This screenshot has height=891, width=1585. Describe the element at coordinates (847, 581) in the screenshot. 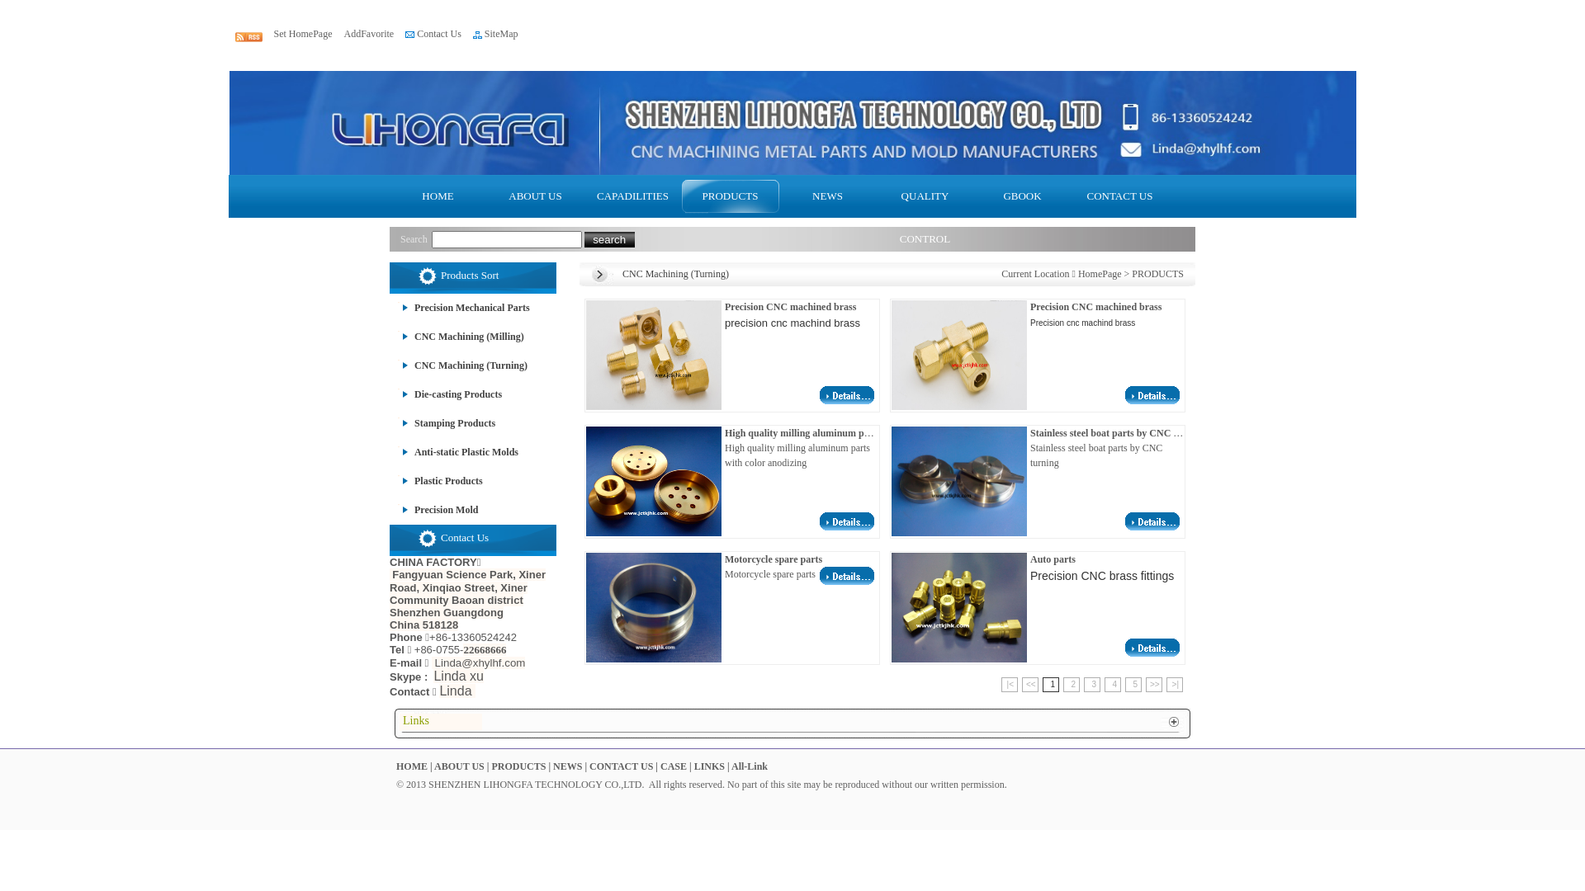

I see `'Motorcycle spare parts'` at that location.